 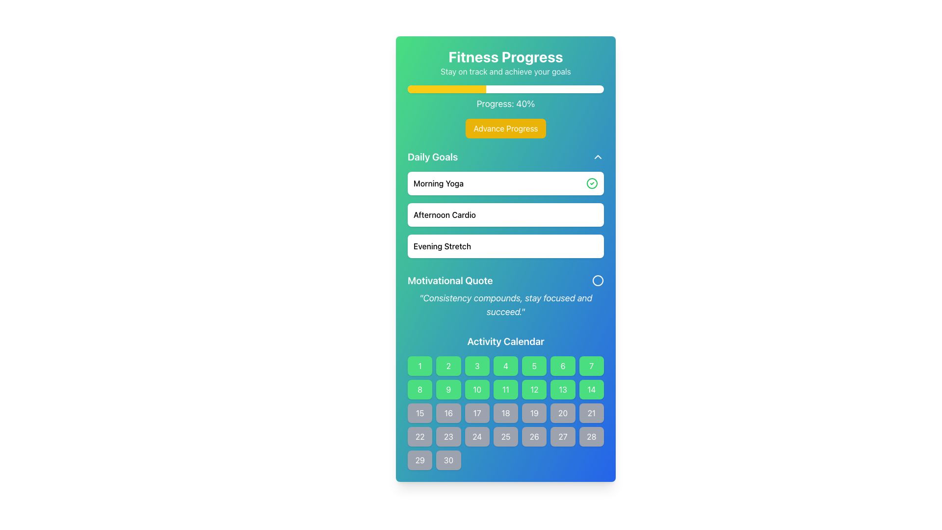 I want to click on the Progress Indicator located at the top of the interface, which visually indicates the completion percentage and occupies the leftmost 40% of the progress bar's width, so click(x=446, y=89).